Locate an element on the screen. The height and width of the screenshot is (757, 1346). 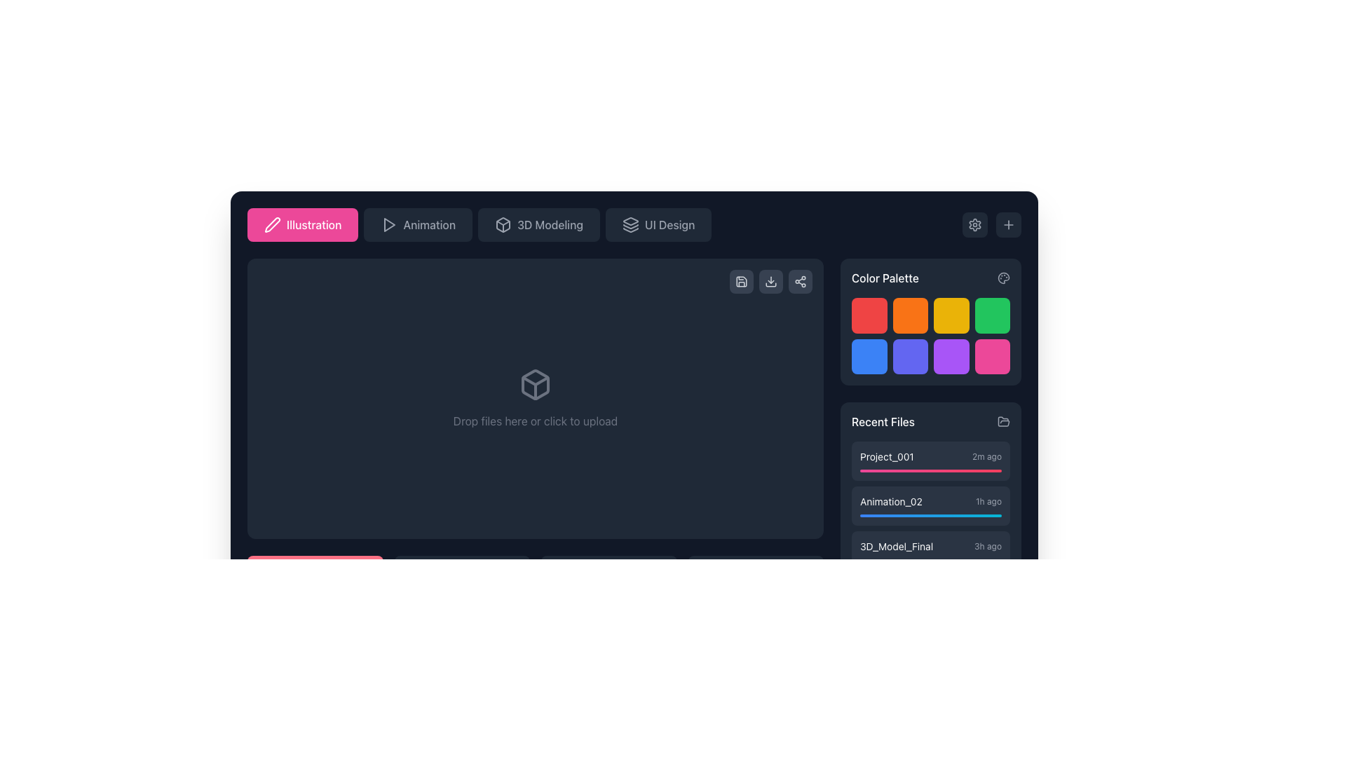
the first selectable color square in the top-right section of the color palette is located at coordinates (868, 315).